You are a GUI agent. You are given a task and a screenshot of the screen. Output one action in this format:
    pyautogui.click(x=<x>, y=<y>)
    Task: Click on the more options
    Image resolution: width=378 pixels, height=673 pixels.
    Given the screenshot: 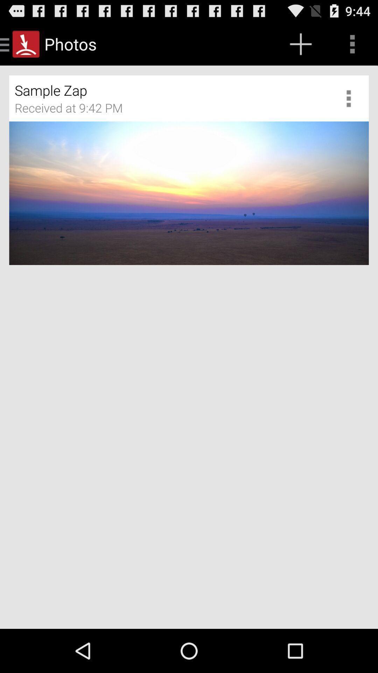 What is the action you would take?
    pyautogui.click(x=351, y=98)
    